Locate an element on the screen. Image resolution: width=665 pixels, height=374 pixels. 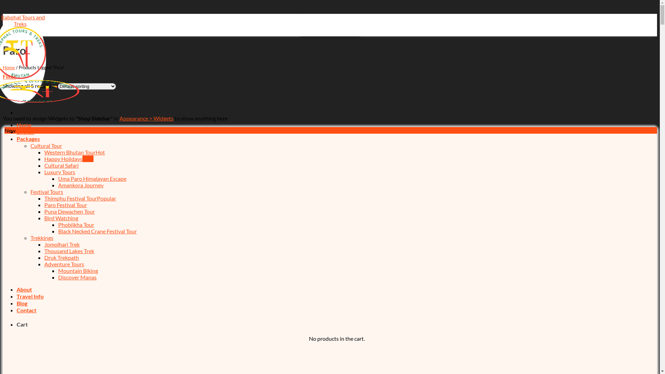
'Blog' is located at coordinates (22, 303).